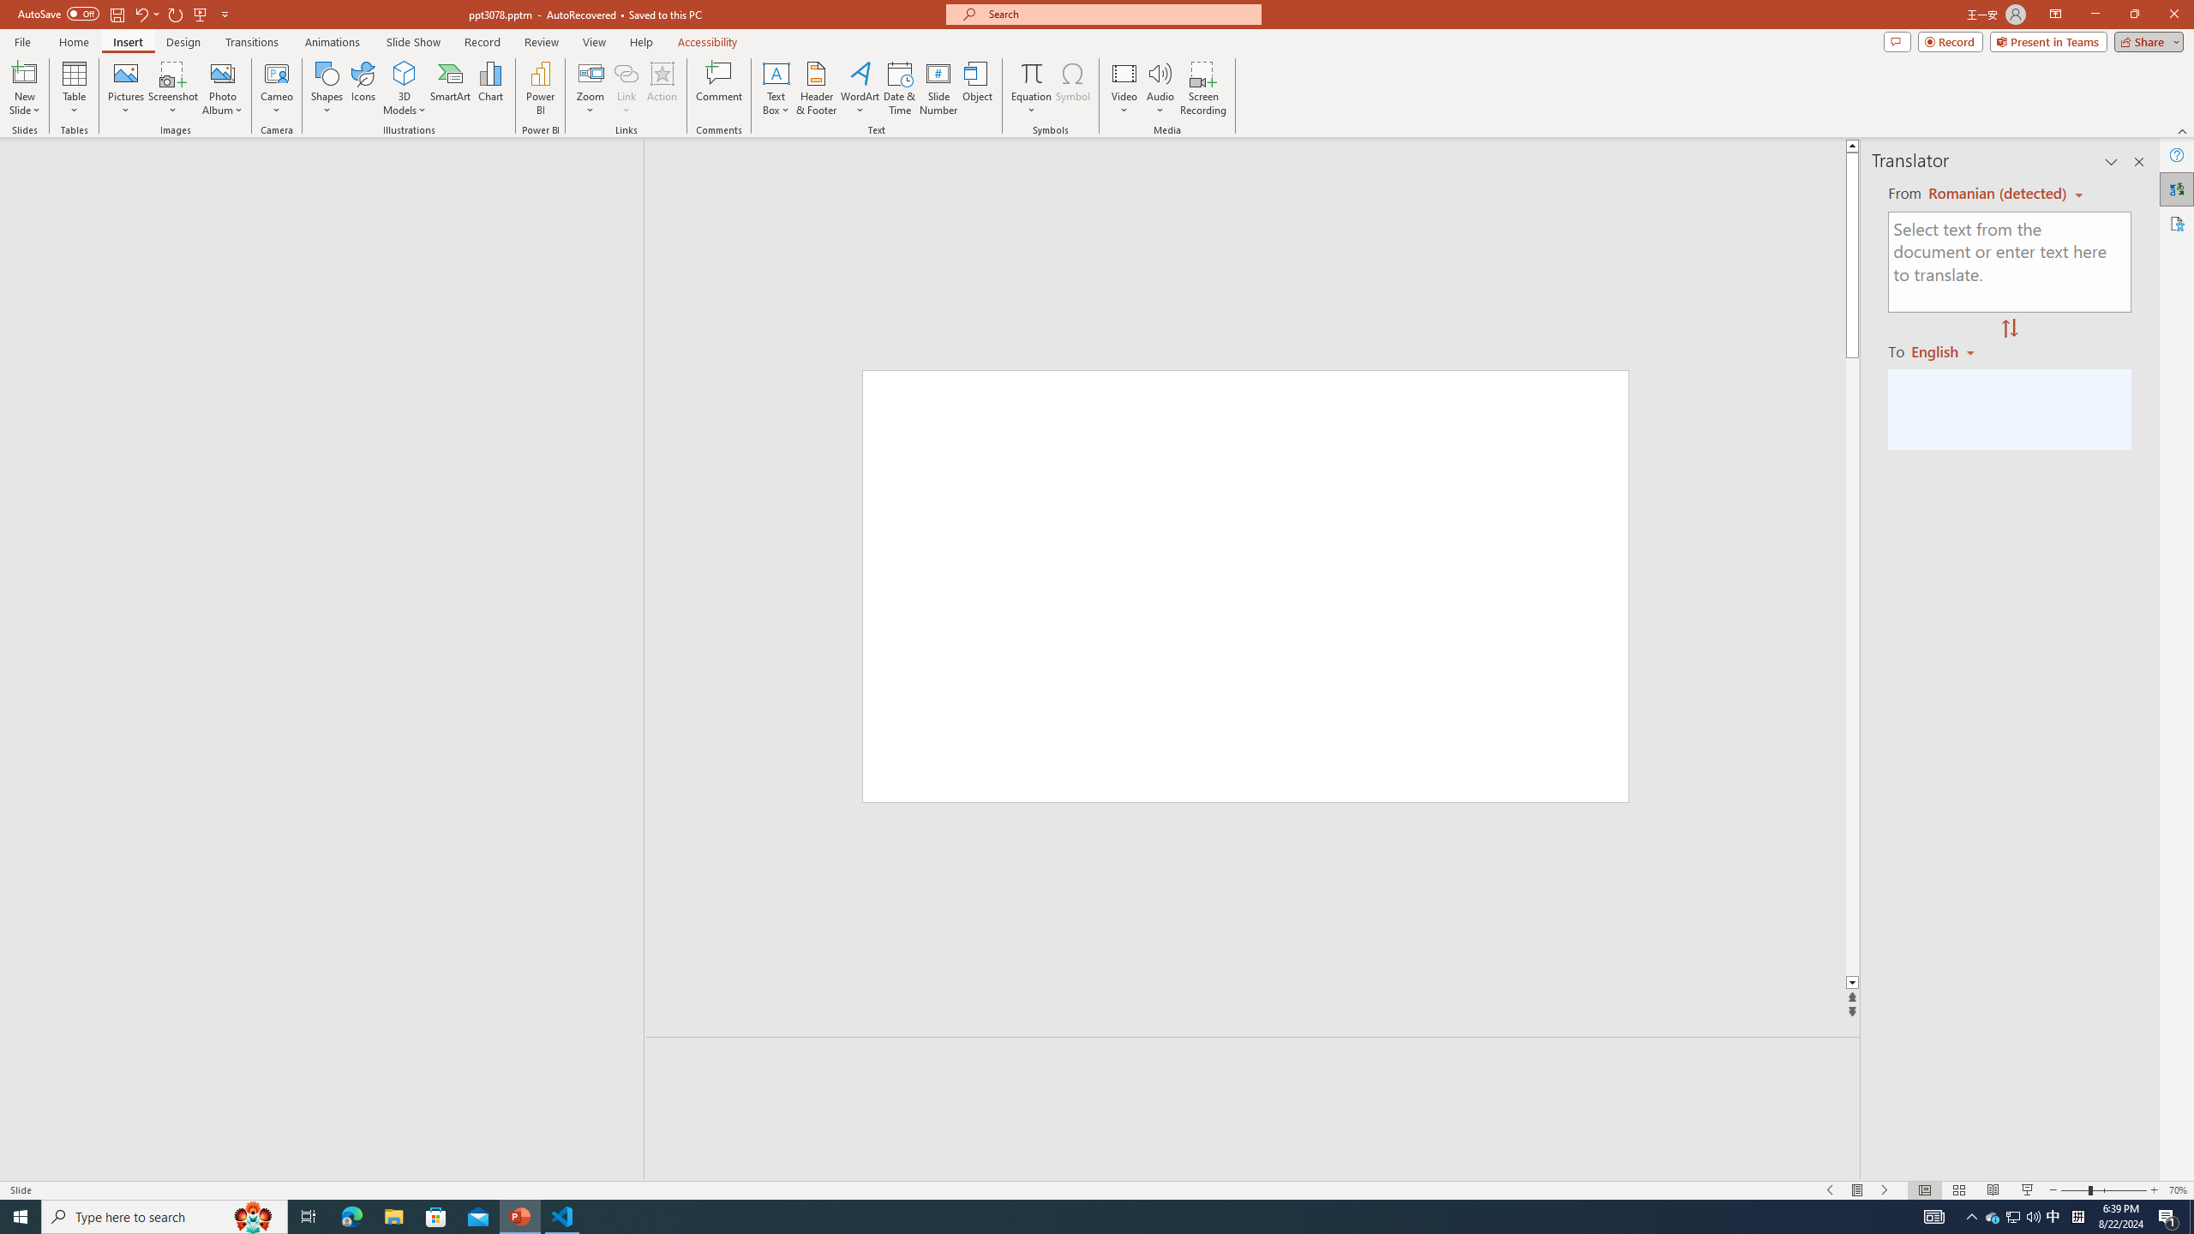 The image size is (2194, 1234). I want to click on '3D Models', so click(405, 72).